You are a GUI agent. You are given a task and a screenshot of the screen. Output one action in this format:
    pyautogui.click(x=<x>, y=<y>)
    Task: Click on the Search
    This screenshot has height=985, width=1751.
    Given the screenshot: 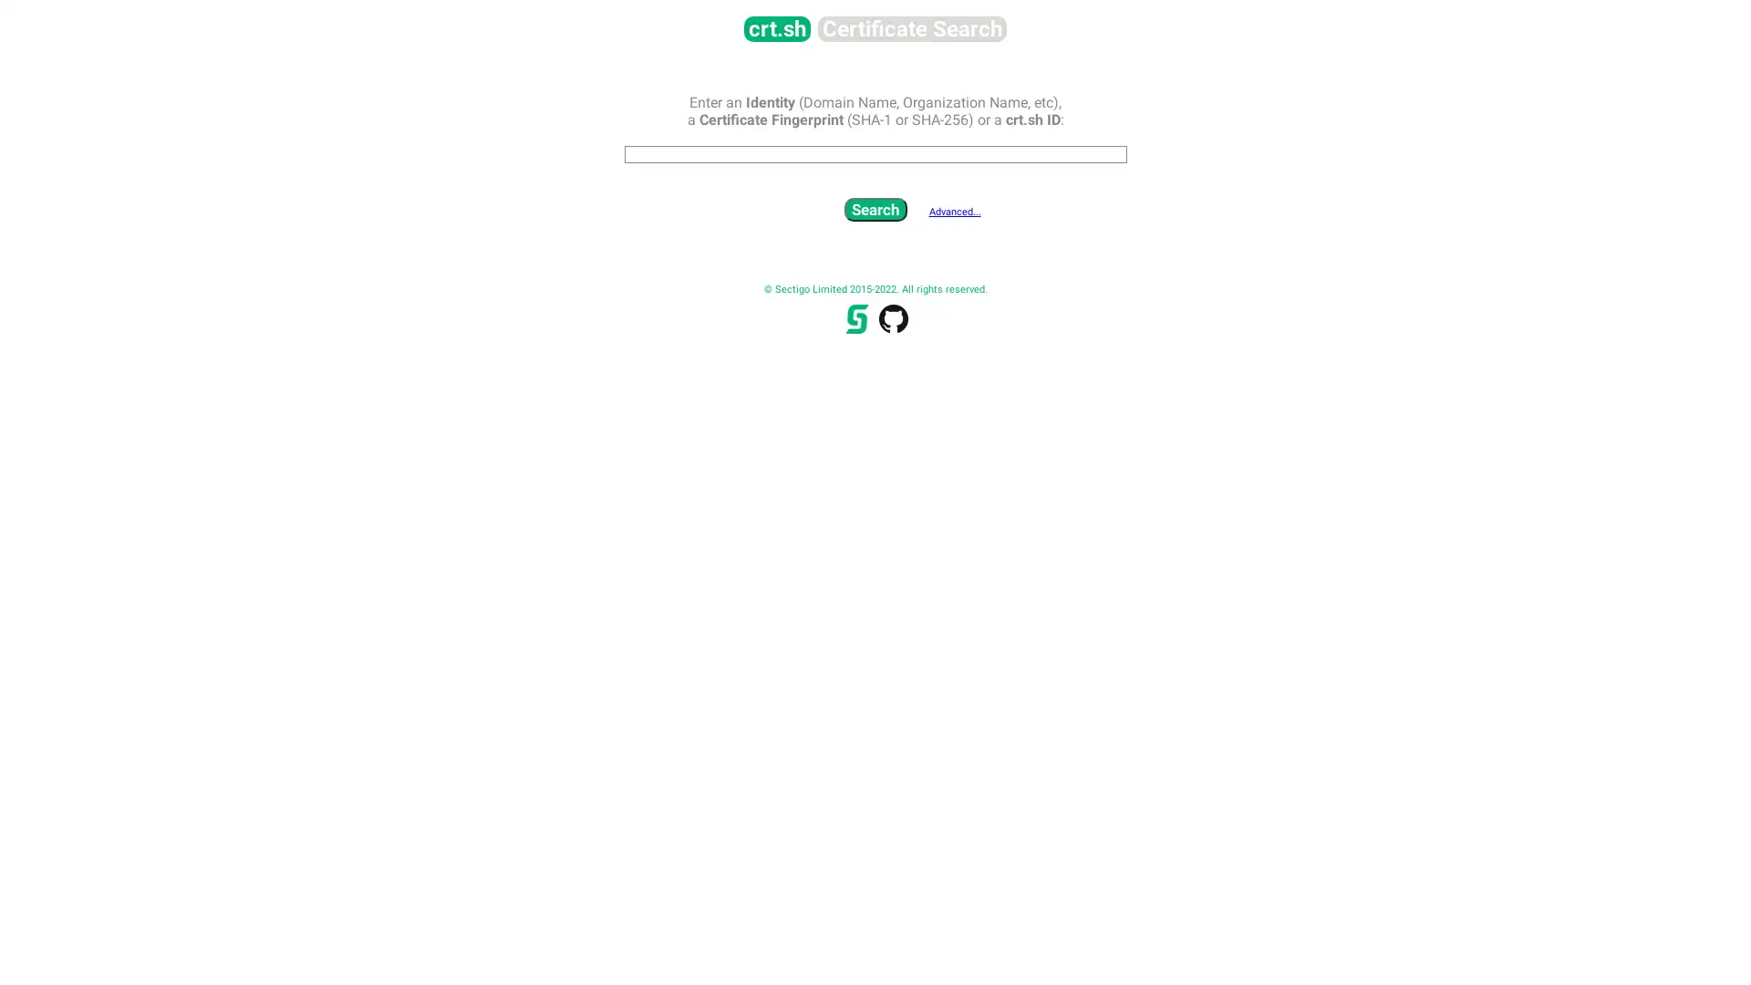 What is the action you would take?
    pyautogui.click(x=874, y=209)
    